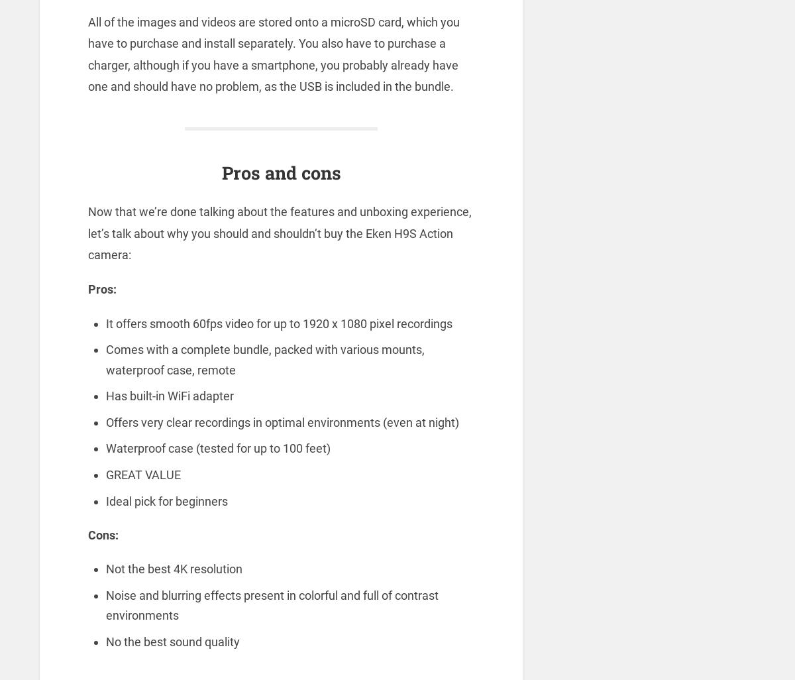 This screenshot has width=795, height=680. Describe the element at coordinates (166, 500) in the screenshot. I see `'Ideal pick for beginners'` at that location.